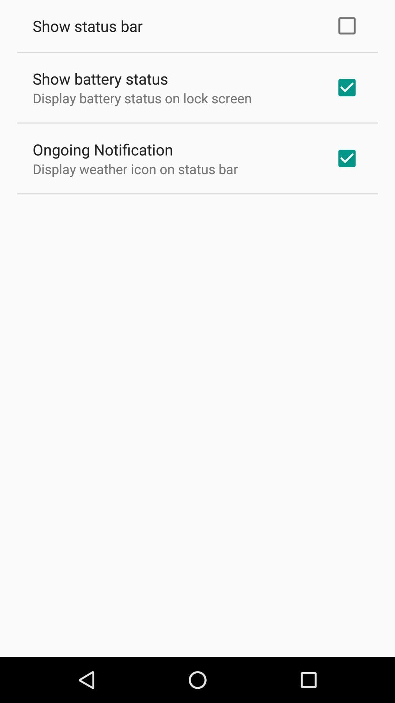  Describe the element at coordinates (103, 149) in the screenshot. I see `the app above the display weather icon` at that location.